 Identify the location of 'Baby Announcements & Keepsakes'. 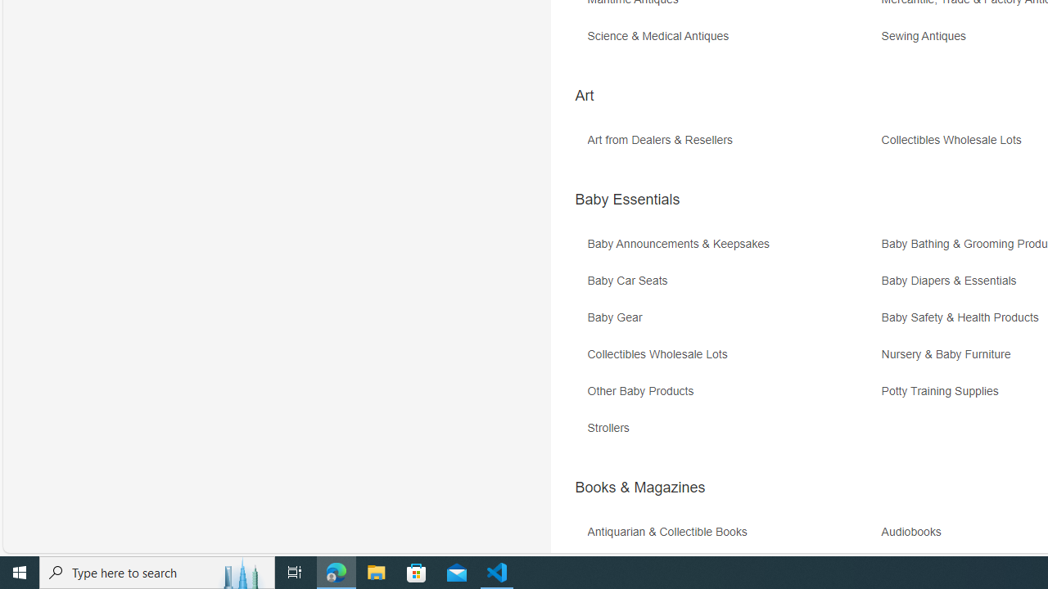
(682, 244).